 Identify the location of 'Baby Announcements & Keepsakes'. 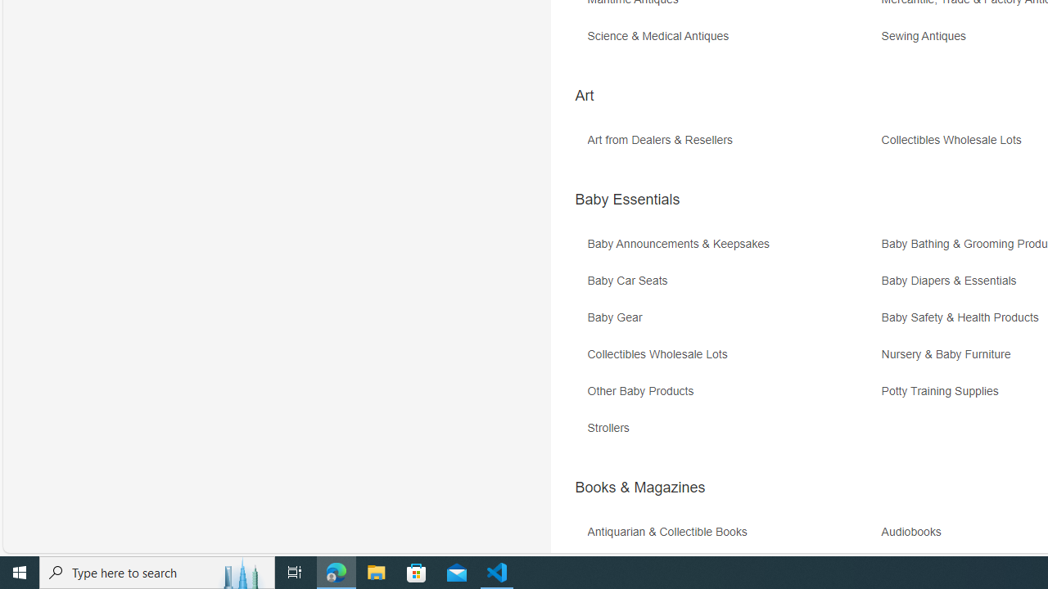
(682, 244).